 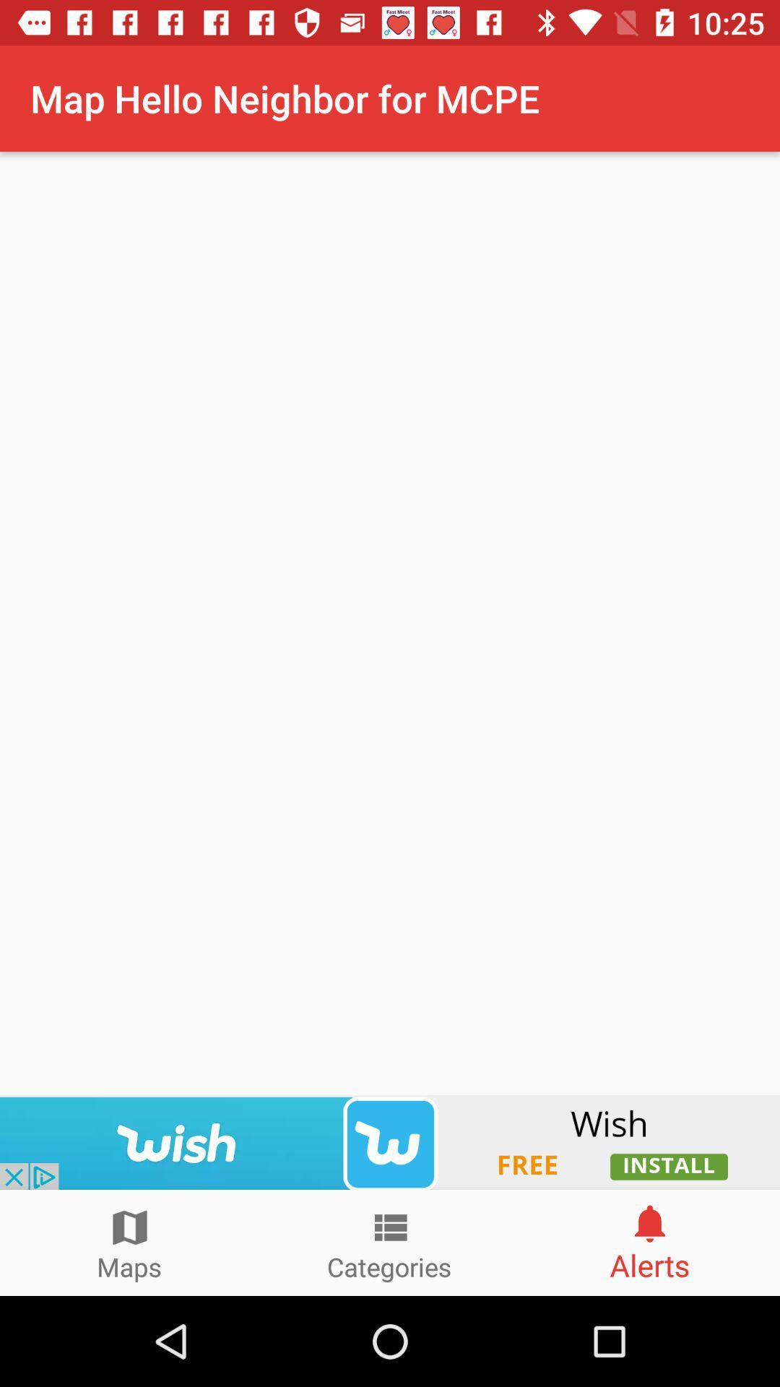 What do you see at coordinates (390, 1141) in the screenshot?
I see `advertisement` at bounding box center [390, 1141].